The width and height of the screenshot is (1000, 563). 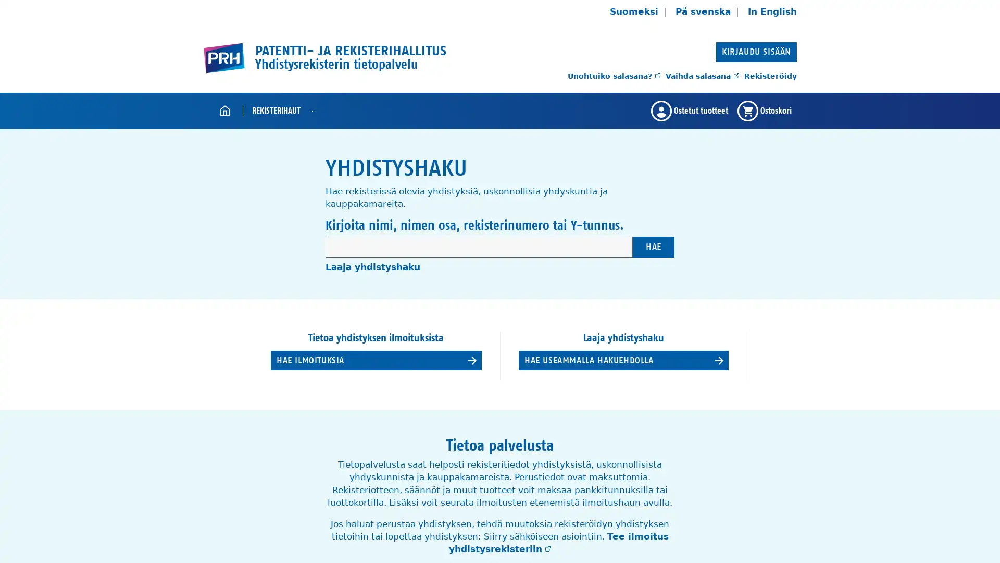 I want to click on HAE, so click(x=653, y=247).